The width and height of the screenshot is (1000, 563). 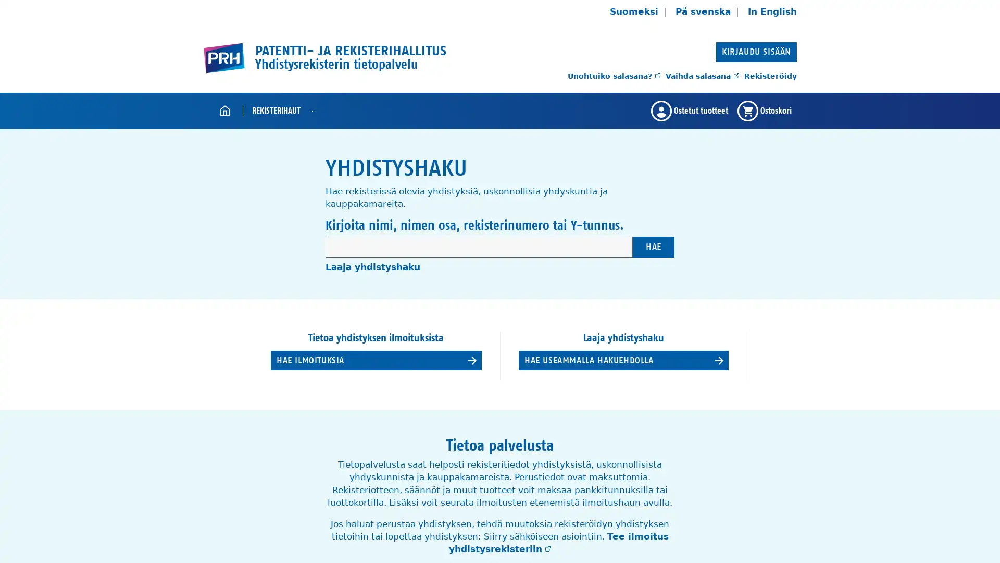 I want to click on HAE, so click(x=653, y=247).